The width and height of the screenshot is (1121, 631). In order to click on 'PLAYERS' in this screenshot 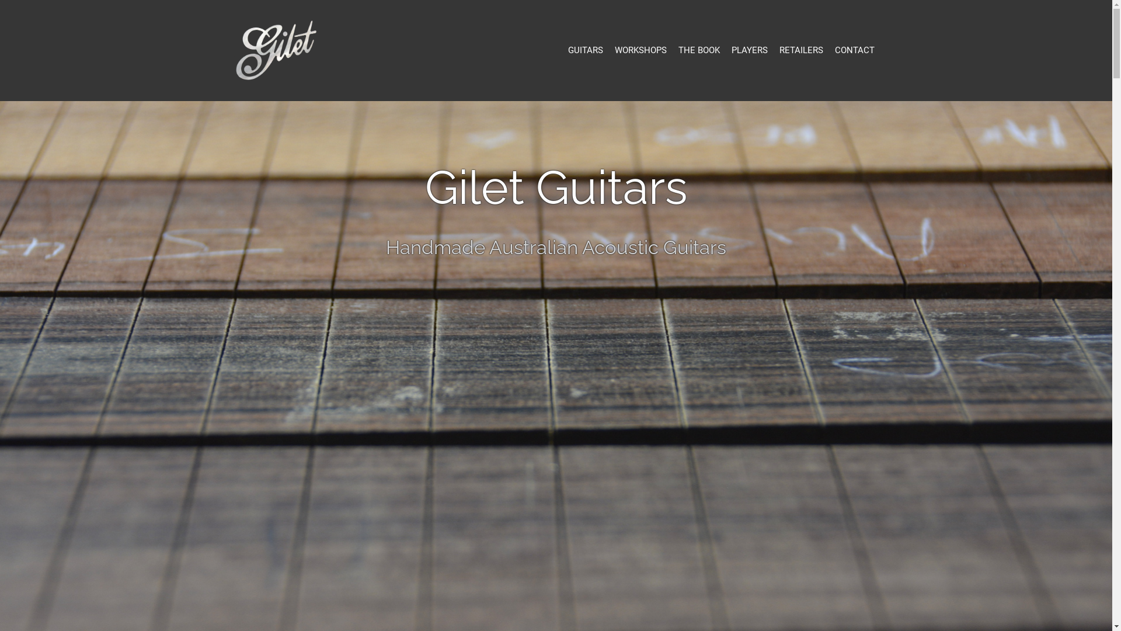, I will do `click(730, 50)`.